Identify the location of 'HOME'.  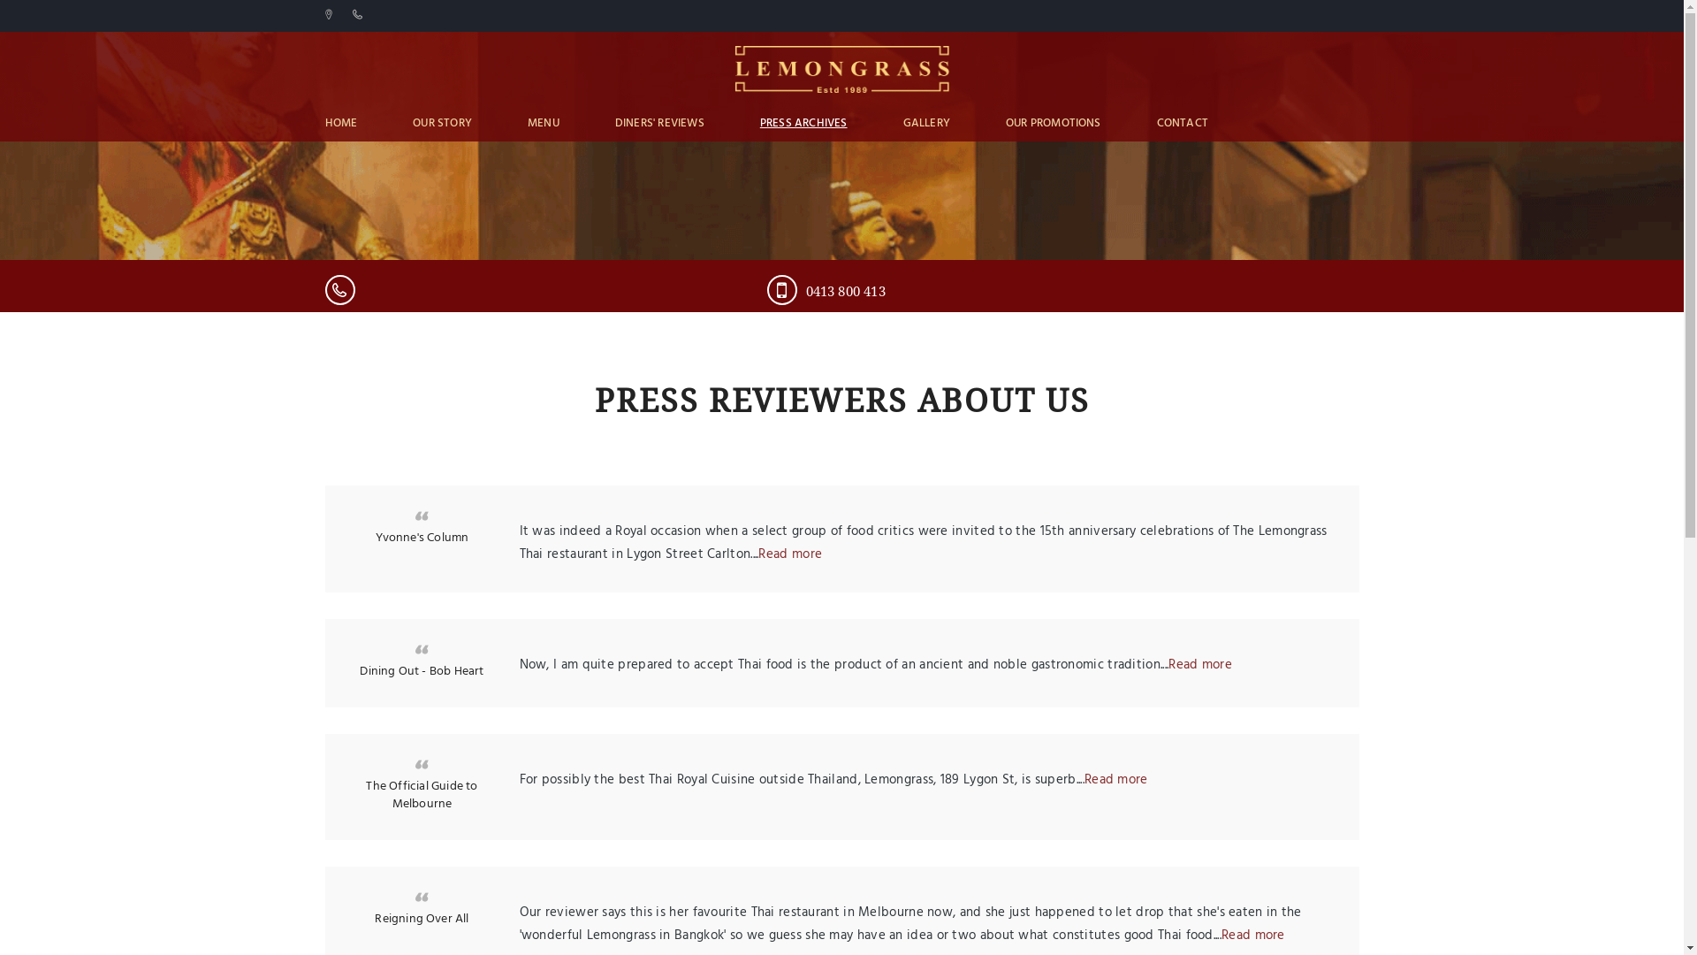
(341, 122).